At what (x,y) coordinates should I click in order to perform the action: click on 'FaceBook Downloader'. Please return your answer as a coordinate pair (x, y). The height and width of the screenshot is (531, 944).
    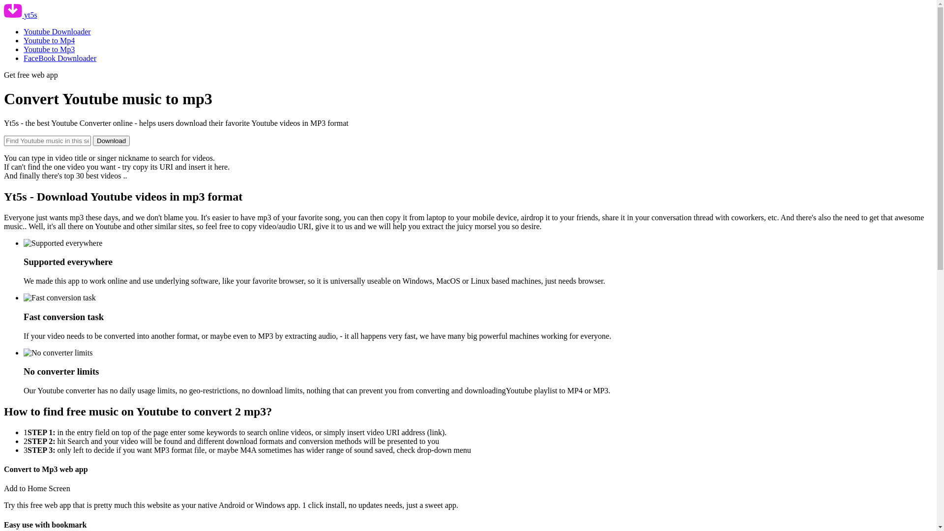
    Looking at the image, I should click on (59, 58).